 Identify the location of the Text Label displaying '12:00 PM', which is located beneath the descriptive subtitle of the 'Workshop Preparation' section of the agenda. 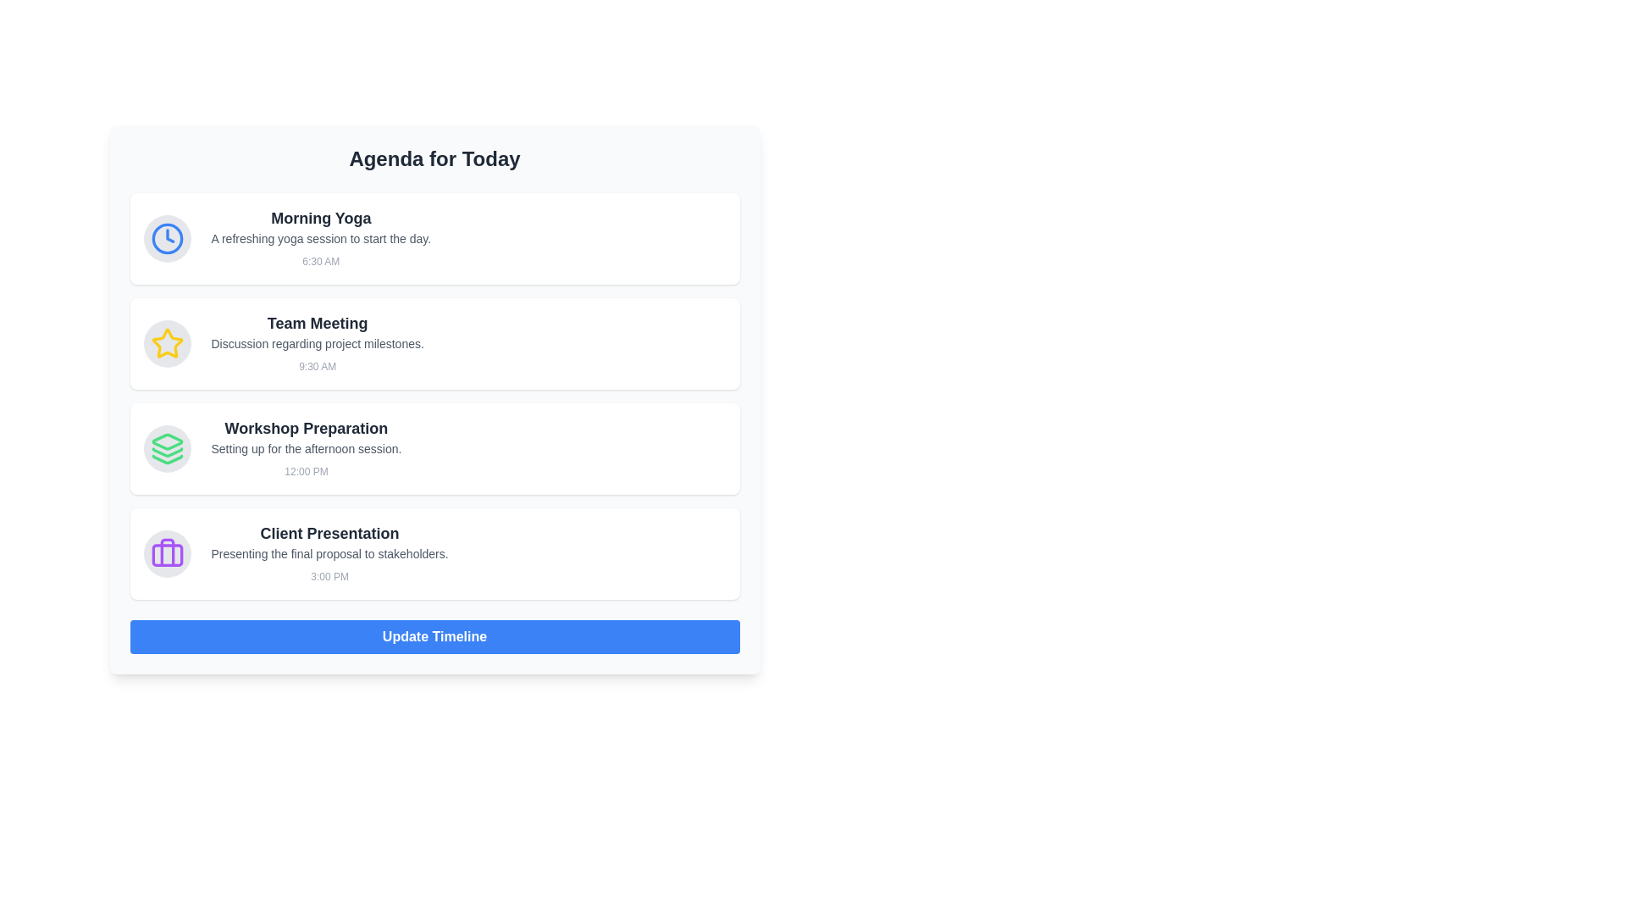
(306, 471).